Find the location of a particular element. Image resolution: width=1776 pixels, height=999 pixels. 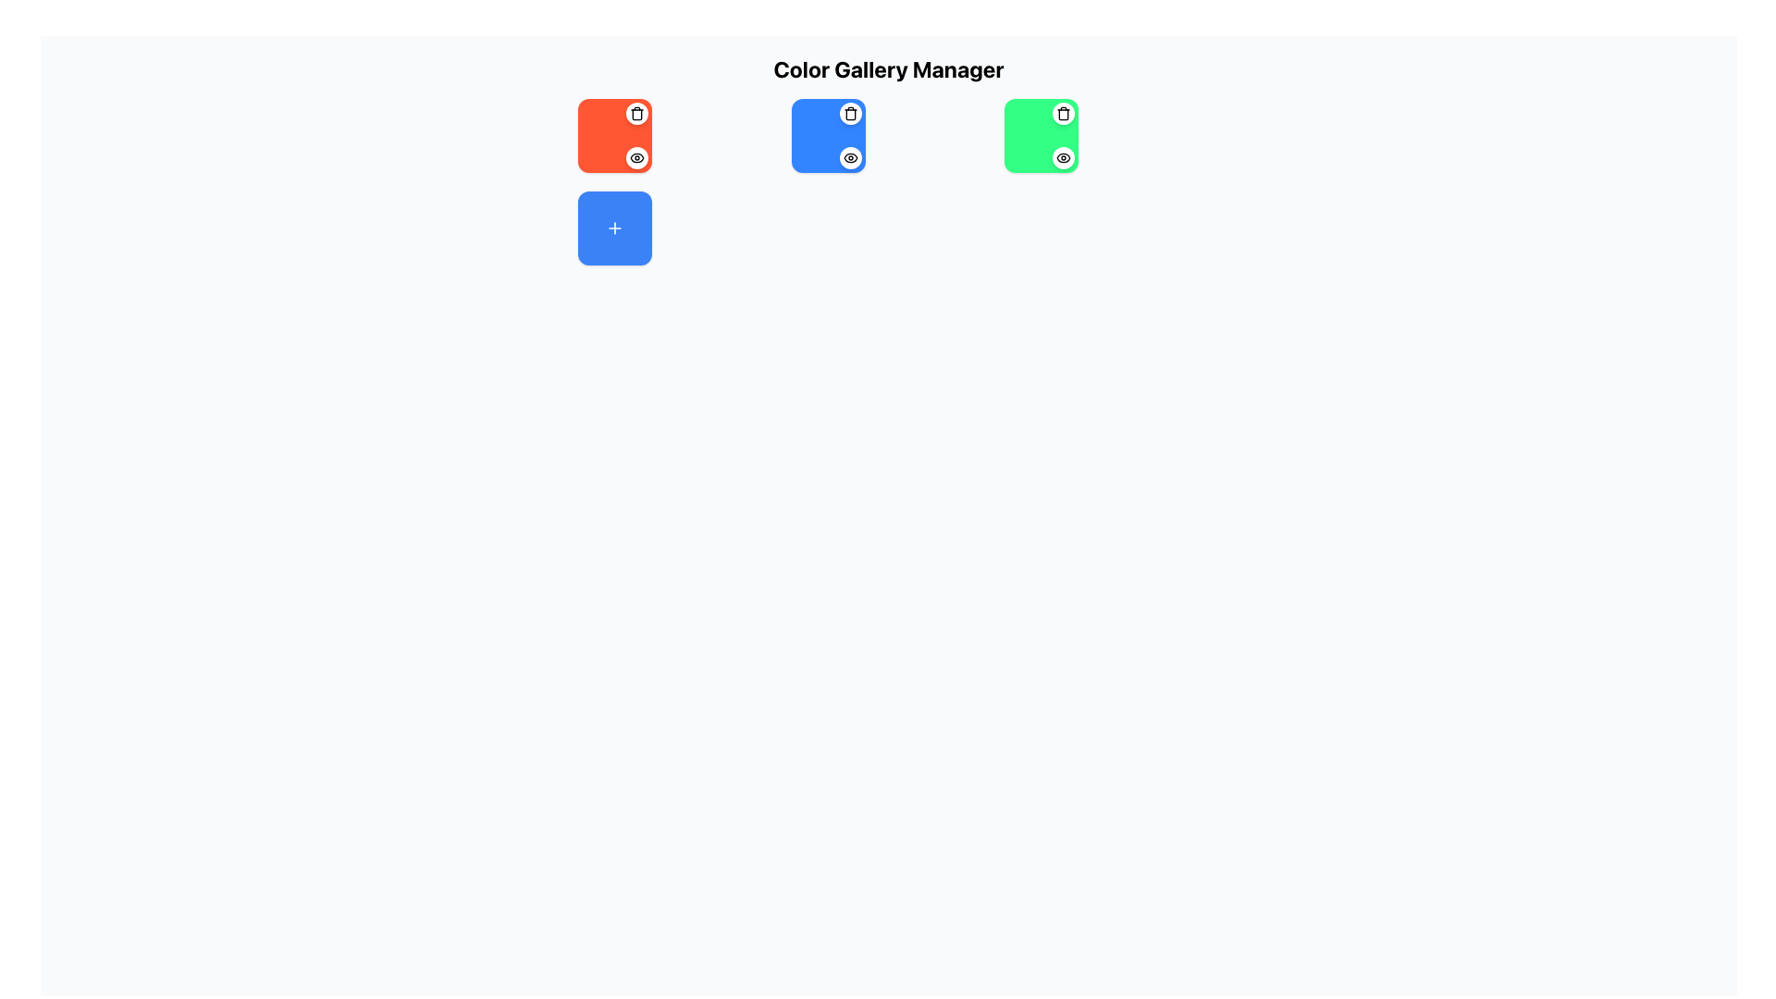

the 'eye' button located at the bottom-right corner of the blue square in the middle column of the Color Gallery Manager interface is located at coordinates (849, 156).